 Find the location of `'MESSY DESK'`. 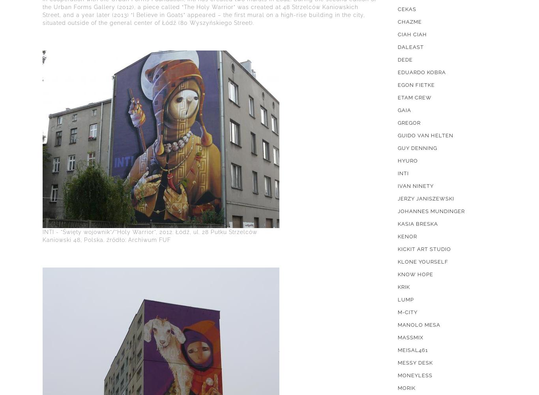

'MESSY DESK' is located at coordinates (415, 363).